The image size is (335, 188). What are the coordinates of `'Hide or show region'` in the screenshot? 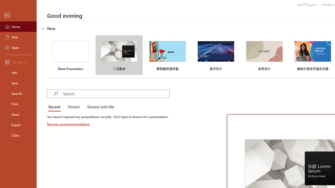 It's located at (43, 28).